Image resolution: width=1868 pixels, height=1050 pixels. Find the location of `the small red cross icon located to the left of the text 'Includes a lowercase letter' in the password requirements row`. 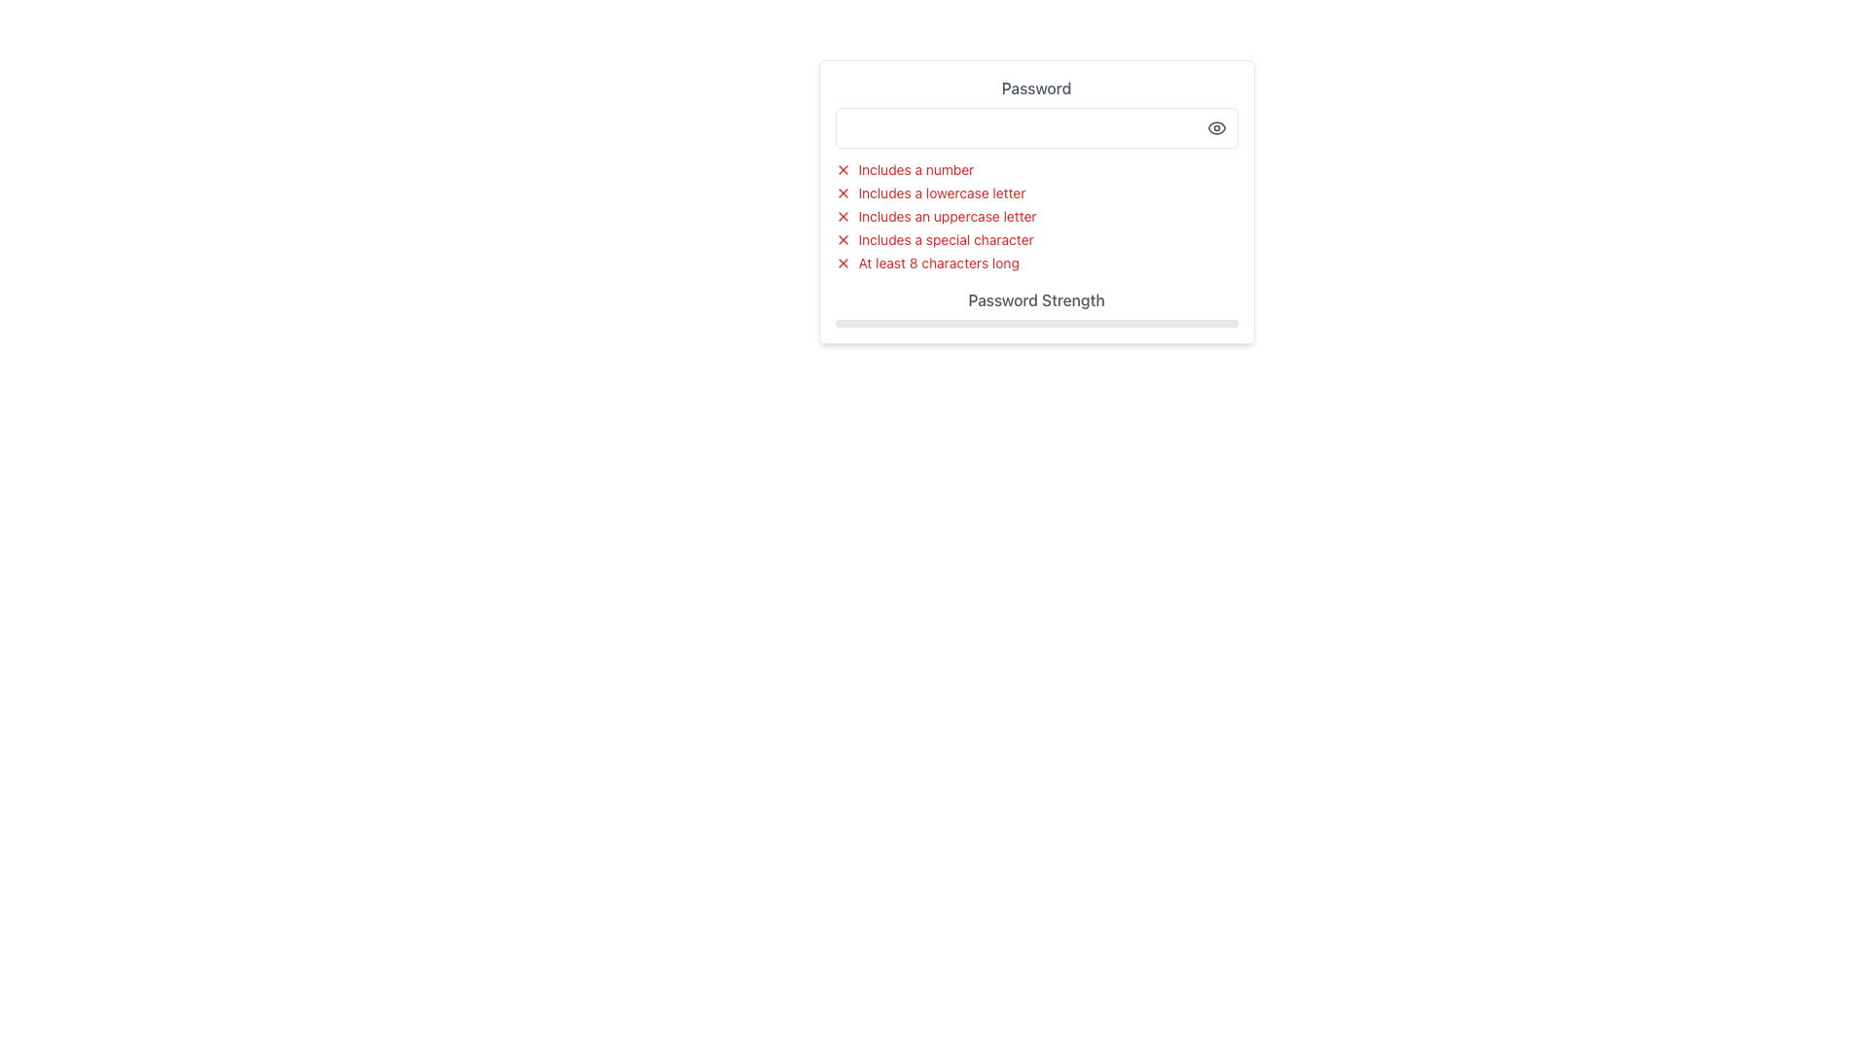

the small red cross icon located to the left of the text 'Includes a lowercase letter' in the password requirements row is located at coordinates (843, 193).